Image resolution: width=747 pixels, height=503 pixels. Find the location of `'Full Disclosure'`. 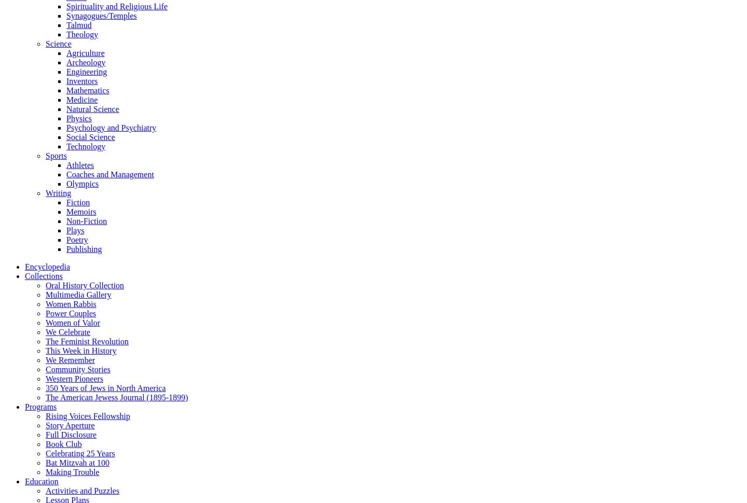

'Full Disclosure' is located at coordinates (70, 434).